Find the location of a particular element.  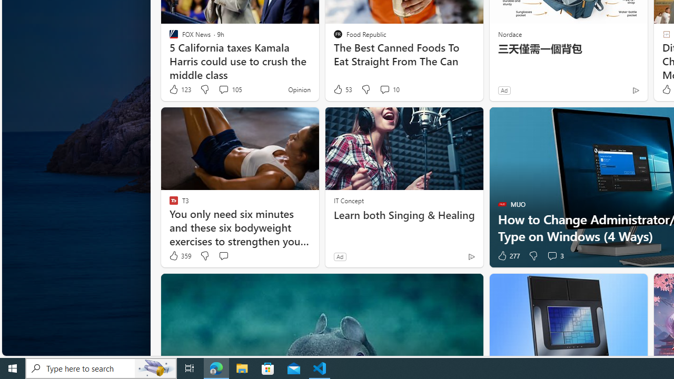

'View comments 10 Comment' is located at coordinates (389, 89).